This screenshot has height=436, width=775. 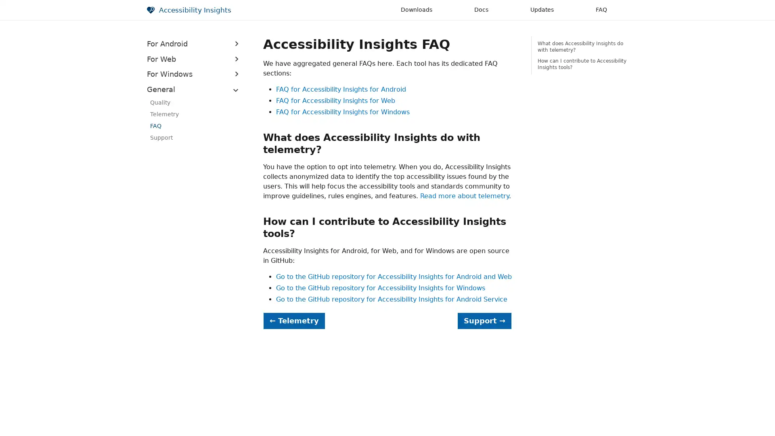 What do you see at coordinates (195, 89) in the screenshot?
I see `General` at bounding box center [195, 89].